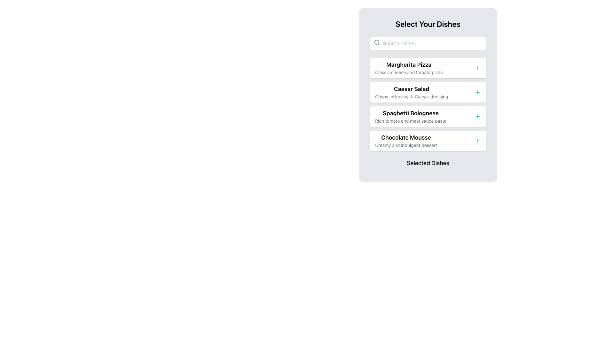 This screenshot has width=614, height=345. I want to click on the selectable menu item 'Caesar Salad' with a plus icon, so click(428, 92).